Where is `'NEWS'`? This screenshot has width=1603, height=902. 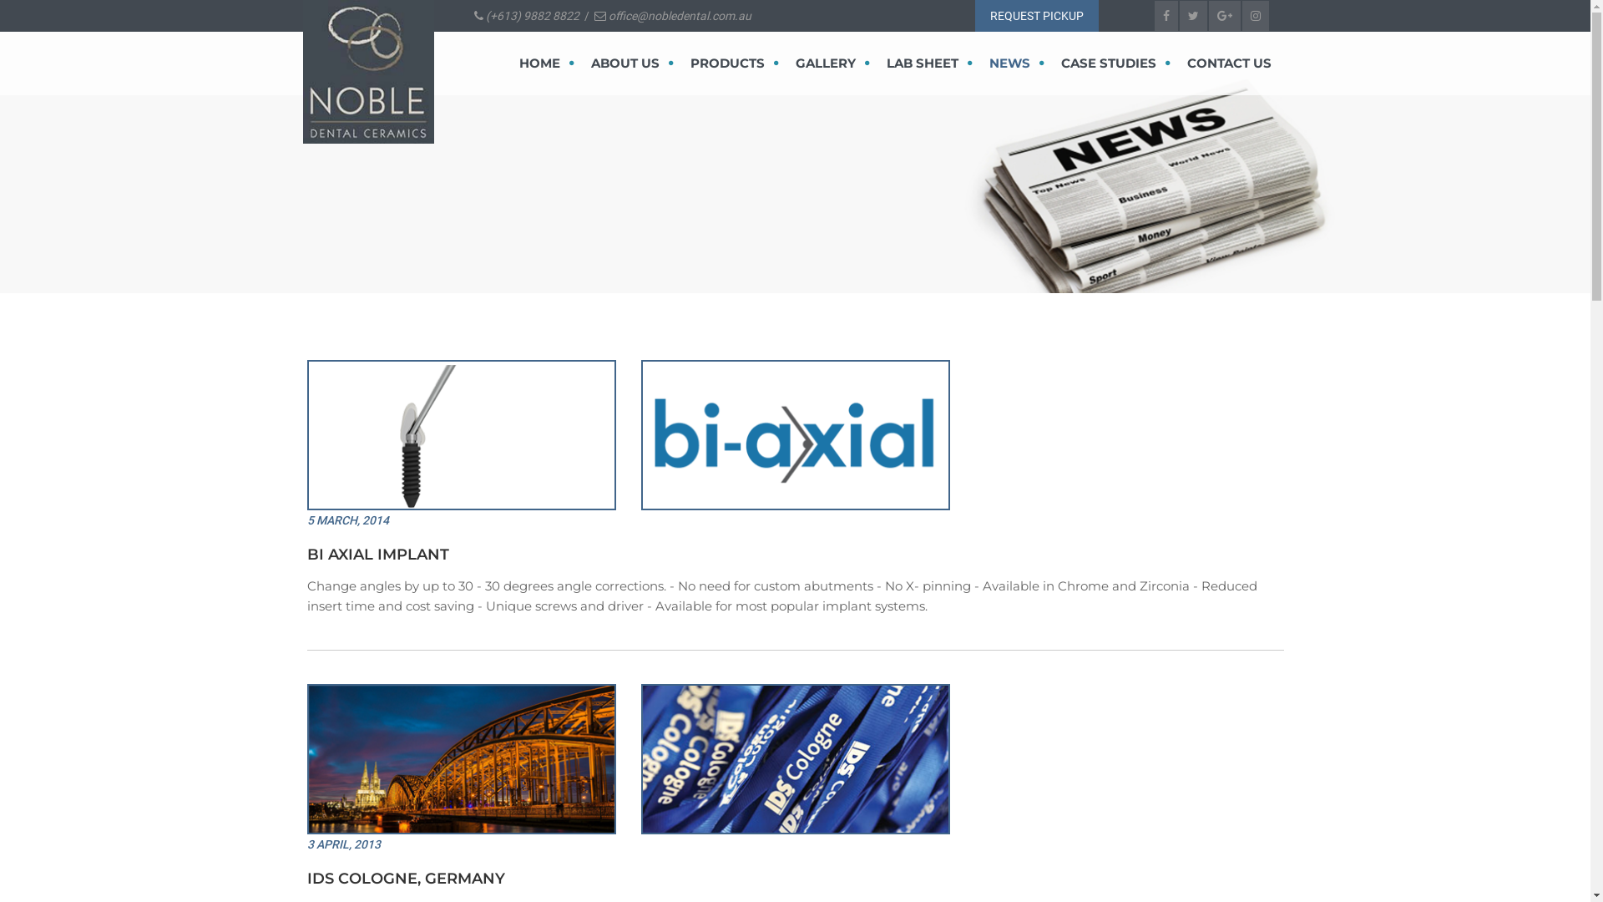
'NEWS' is located at coordinates (1015, 63).